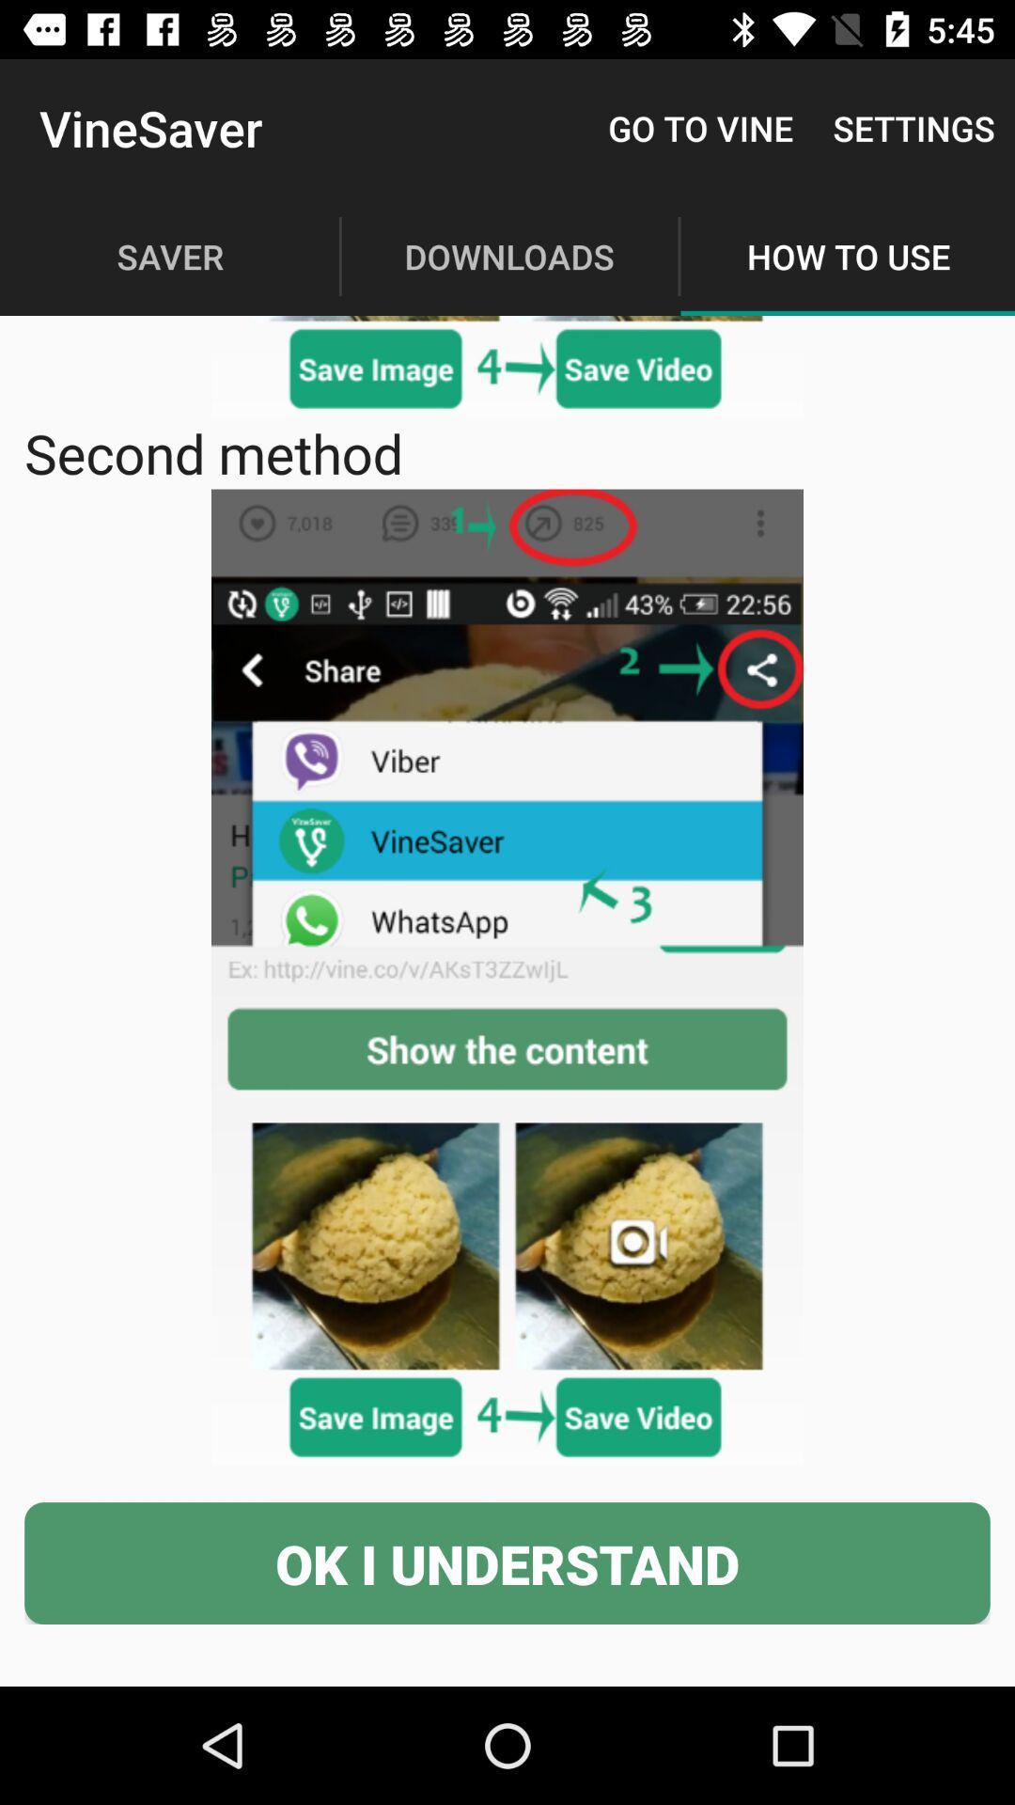 The image size is (1015, 1805). What do you see at coordinates (700, 127) in the screenshot?
I see `the item next to vinesaver item` at bounding box center [700, 127].